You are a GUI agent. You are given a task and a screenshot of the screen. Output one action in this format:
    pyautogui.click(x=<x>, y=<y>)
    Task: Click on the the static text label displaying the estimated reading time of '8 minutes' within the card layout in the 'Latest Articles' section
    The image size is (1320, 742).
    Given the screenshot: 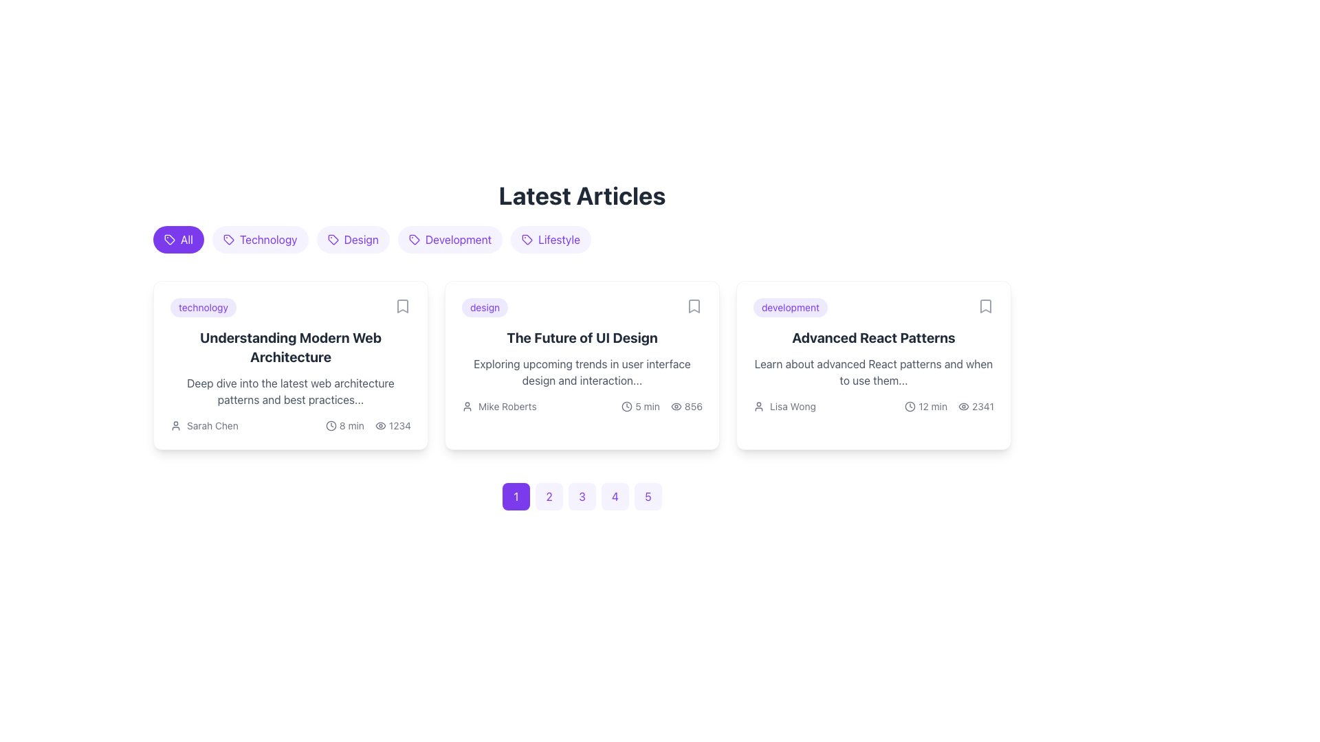 What is the action you would take?
    pyautogui.click(x=351, y=425)
    